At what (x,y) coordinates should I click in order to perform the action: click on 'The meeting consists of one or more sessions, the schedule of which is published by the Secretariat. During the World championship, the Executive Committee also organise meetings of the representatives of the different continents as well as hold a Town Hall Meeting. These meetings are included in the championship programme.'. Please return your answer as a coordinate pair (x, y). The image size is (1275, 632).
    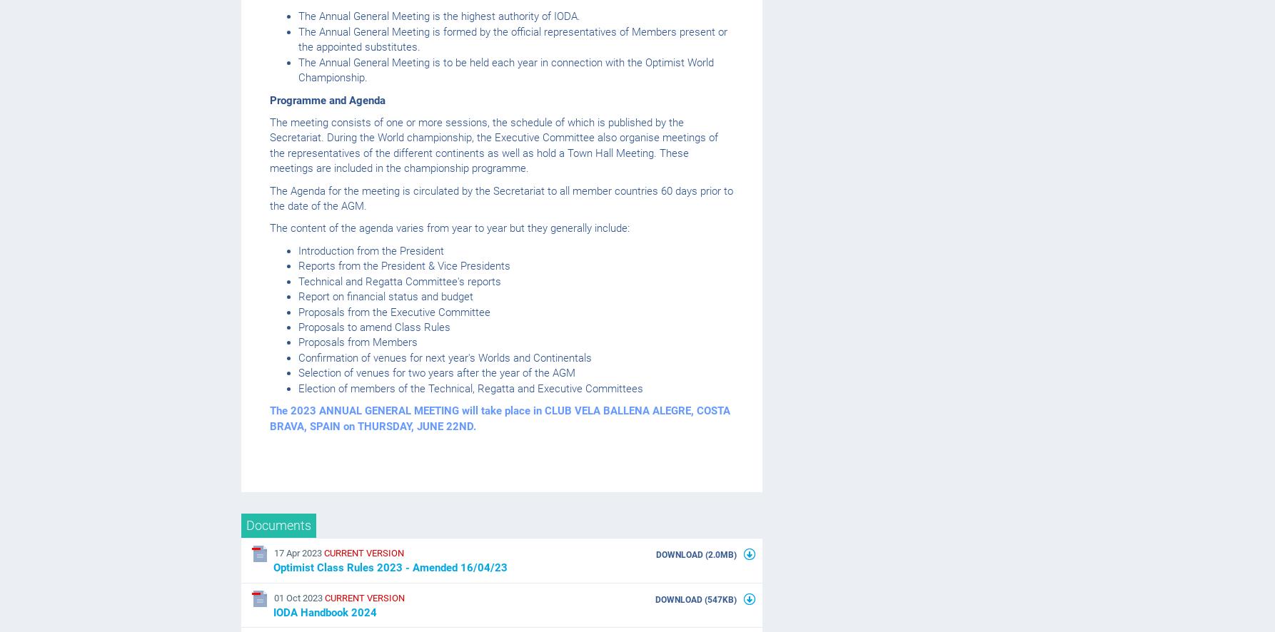
    Looking at the image, I should click on (494, 145).